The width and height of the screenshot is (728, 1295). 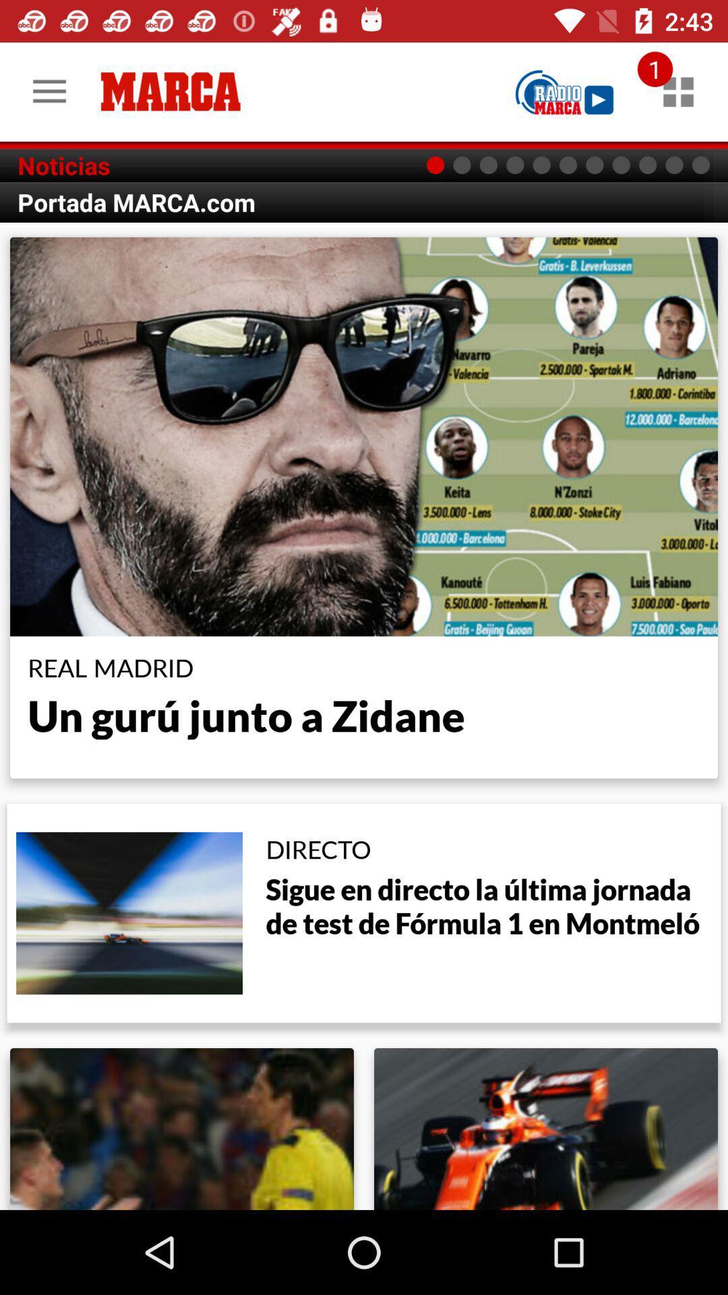 What do you see at coordinates (564, 91) in the screenshot?
I see `the icon to the right of the noticias item` at bounding box center [564, 91].